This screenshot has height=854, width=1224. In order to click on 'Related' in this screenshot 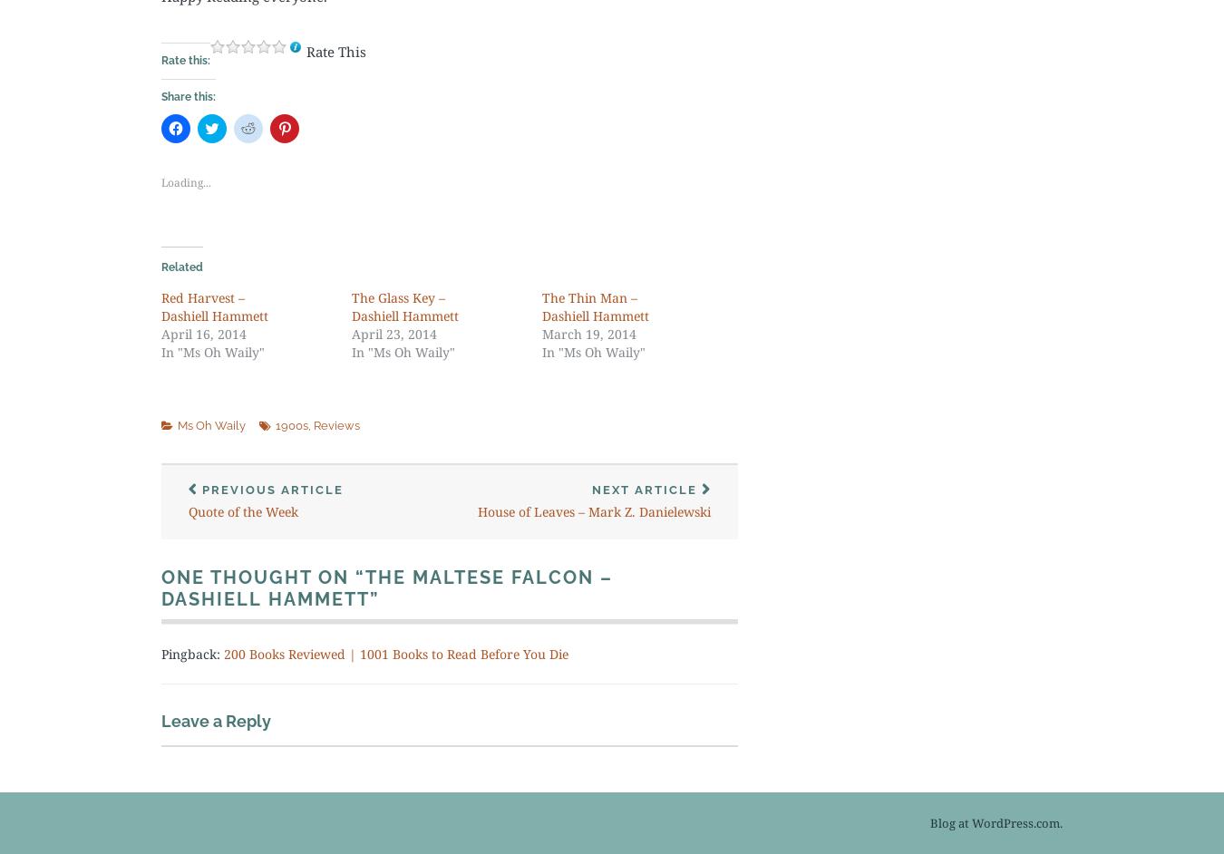, I will do `click(161, 267)`.